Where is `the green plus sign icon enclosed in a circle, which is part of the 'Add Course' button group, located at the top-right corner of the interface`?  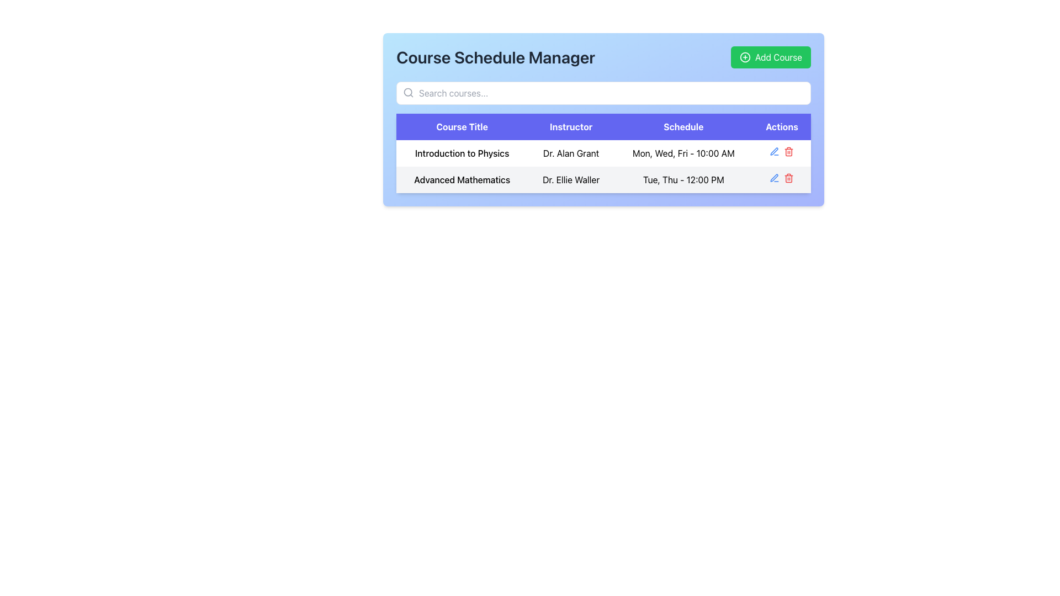
the green plus sign icon enclosed in a circle, which is part of the 'Add Course' button group, located at the top-right corner of the interface is located at coordinates (745, 57).